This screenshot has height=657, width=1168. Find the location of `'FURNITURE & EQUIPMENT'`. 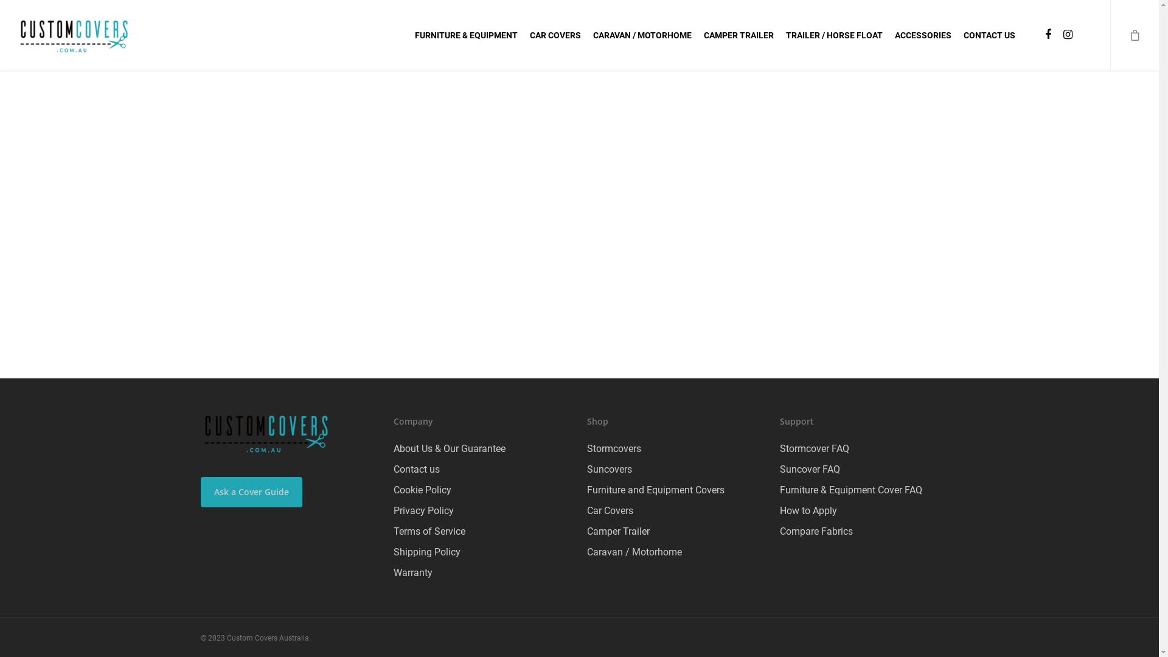

'FURNITURE & EQUIPMENT' is located at coordinates (414, 34).